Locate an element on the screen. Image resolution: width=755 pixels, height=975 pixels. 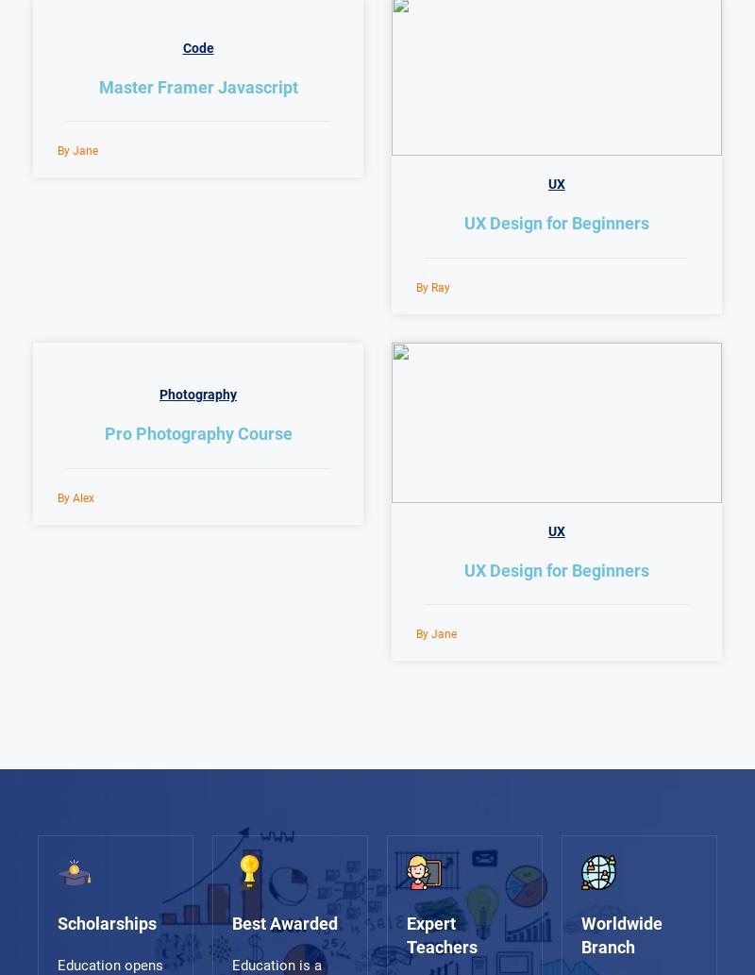
'Worldwide Branch' is located at coordinates (581, 933).